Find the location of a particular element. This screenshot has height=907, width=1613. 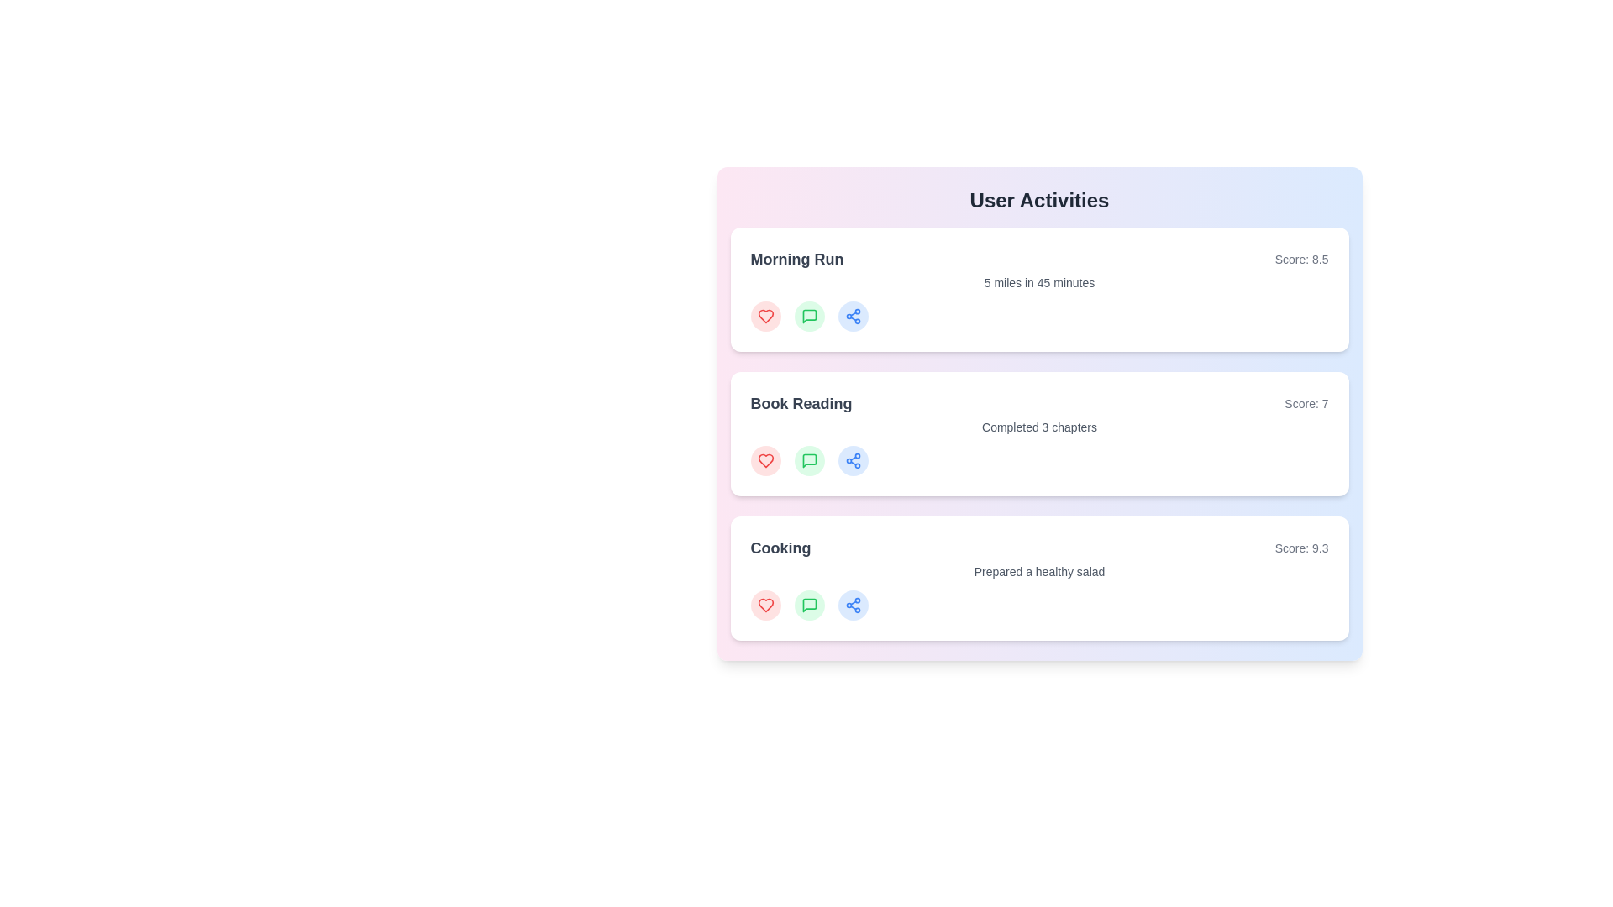

'comment' button on the activity card for Book Reading is located at coordinates (809, 460).